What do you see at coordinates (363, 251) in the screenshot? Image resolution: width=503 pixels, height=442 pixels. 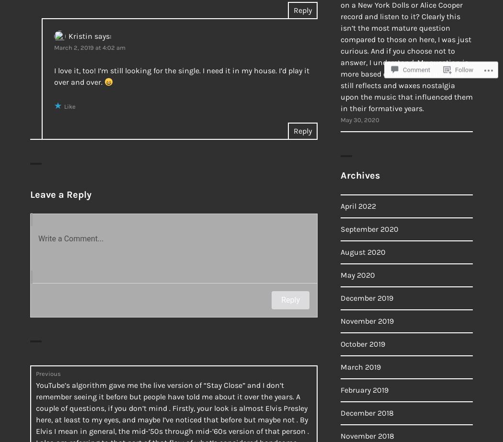 I see `'August 2020'` at bounding box center [363, 251].